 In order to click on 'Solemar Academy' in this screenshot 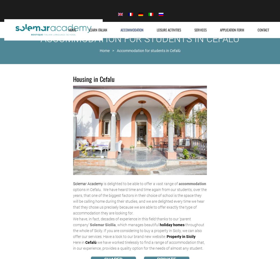, I will do `click(87, 183)`.